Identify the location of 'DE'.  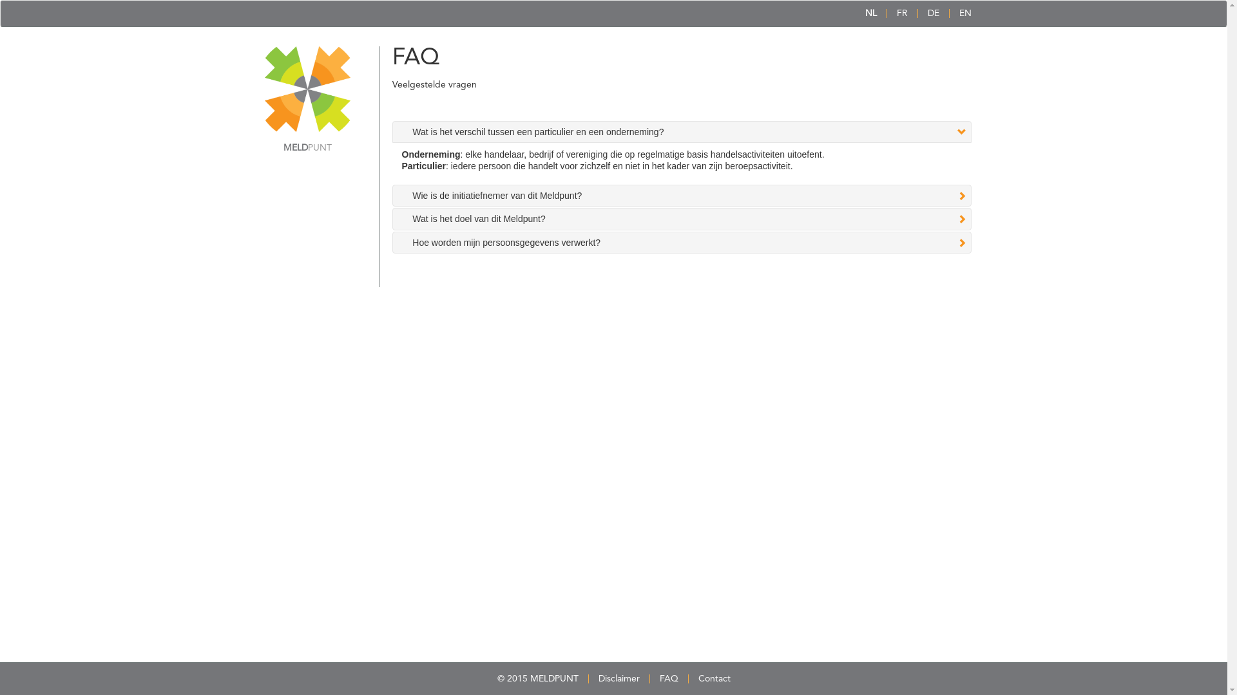
(934, 13).